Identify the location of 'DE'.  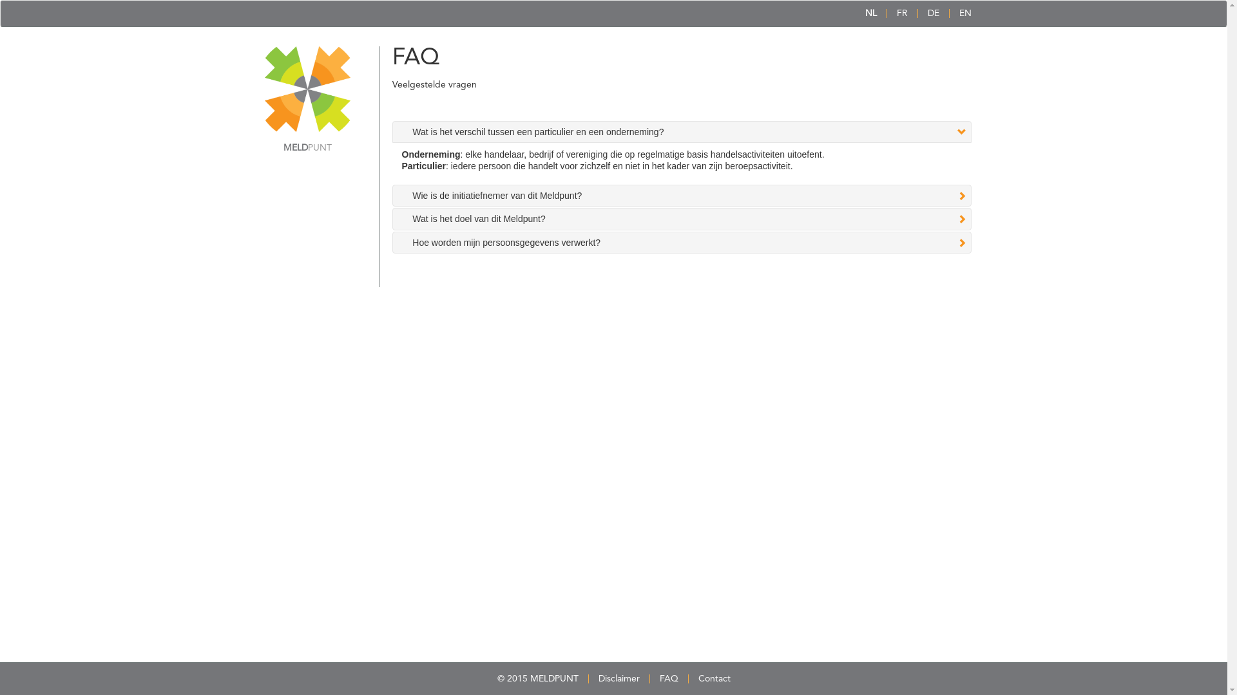
(934, 13).